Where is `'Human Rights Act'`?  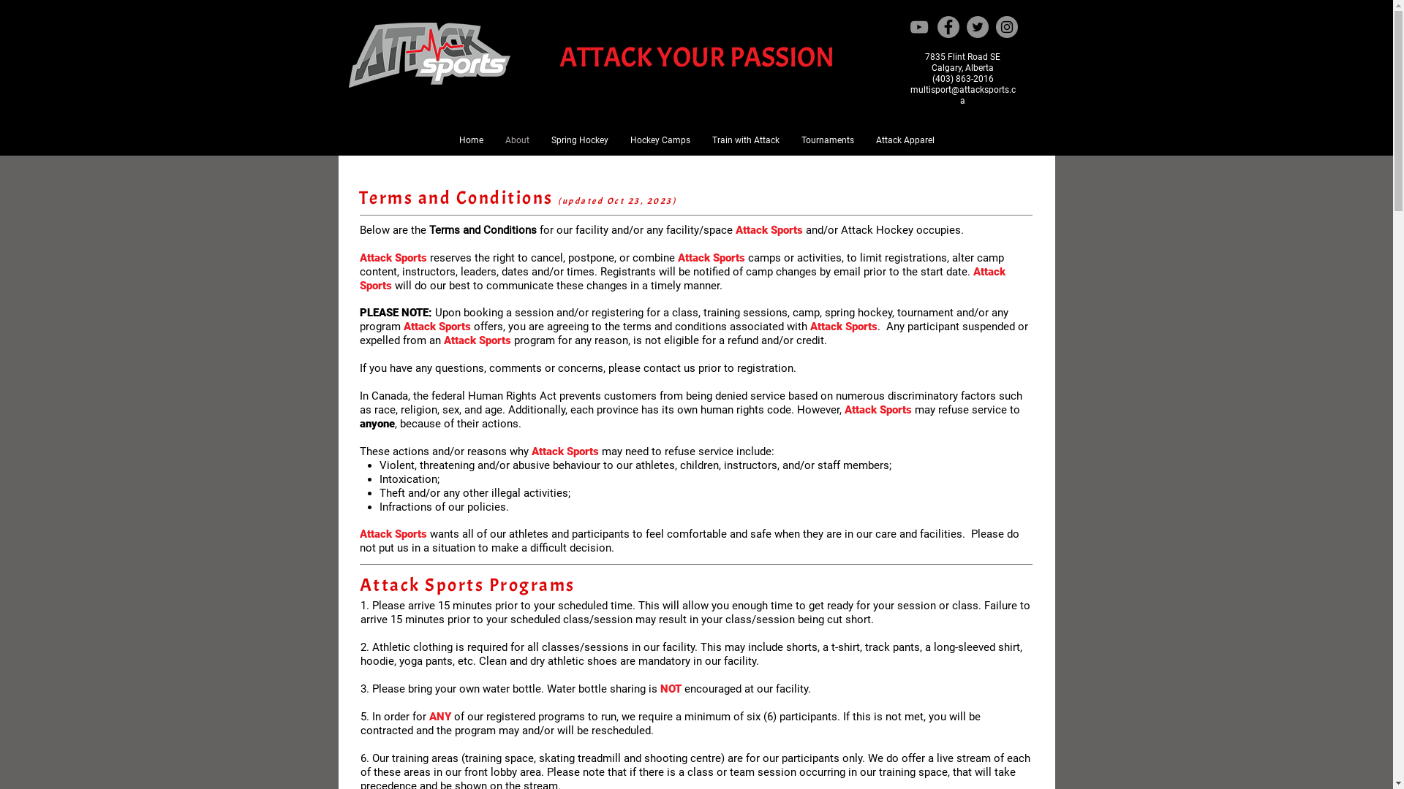 'Human Rights Act' is located at coordinates (512, 396).